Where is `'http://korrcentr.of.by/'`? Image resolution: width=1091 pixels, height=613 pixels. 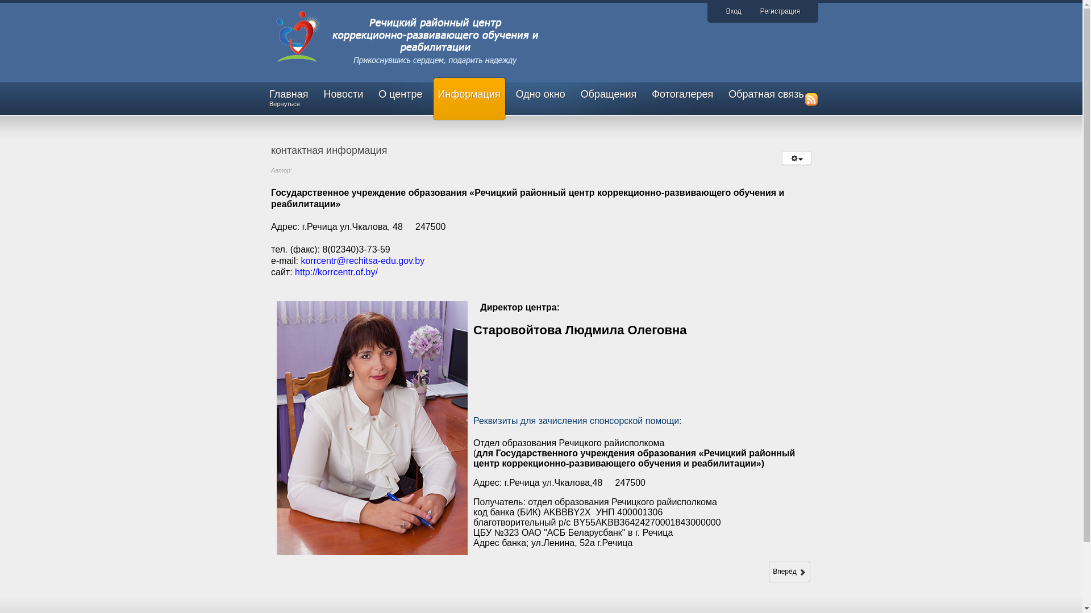 'http://korrcentr.of.by/' is located at coordinates (335, 272).